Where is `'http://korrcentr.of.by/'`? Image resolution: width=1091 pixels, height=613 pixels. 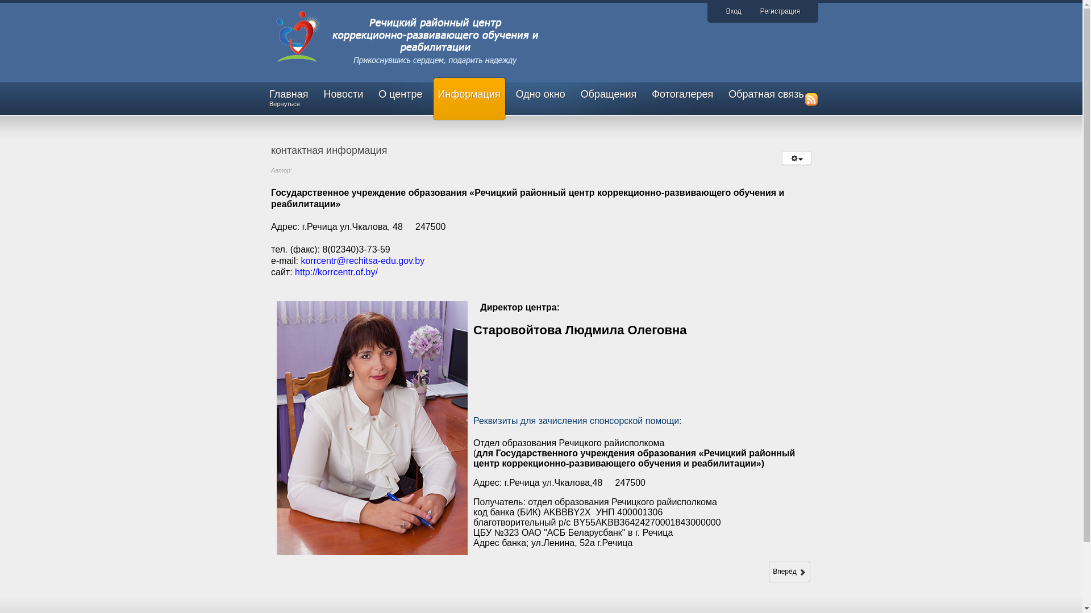 'http://korrcentr.of.by/' is located at coordinates (335, 272).